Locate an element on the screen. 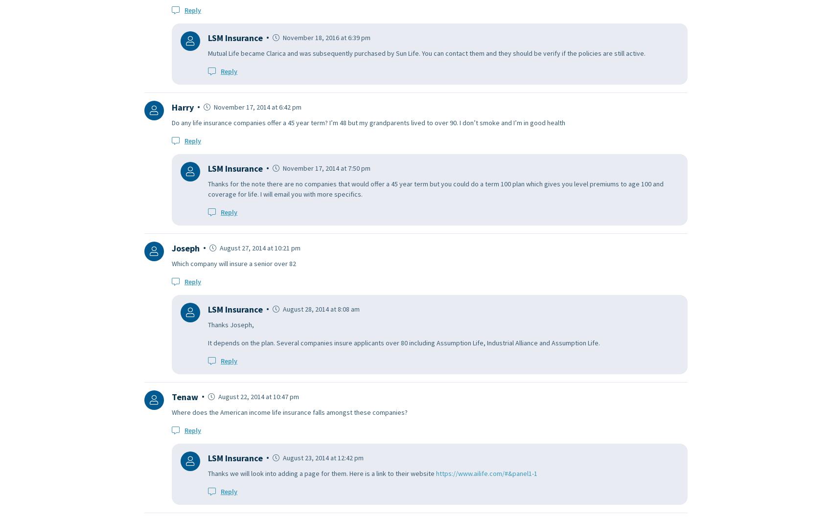 This screenshot has height=519, width=832. 'Thanks Joseph,' is located at coordinates (208, 324).